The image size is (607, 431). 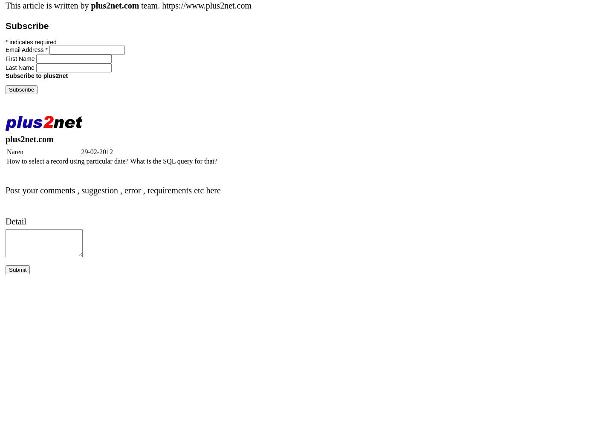 I want to click on 'Aggregate Queries', so click(x=38, y=359).